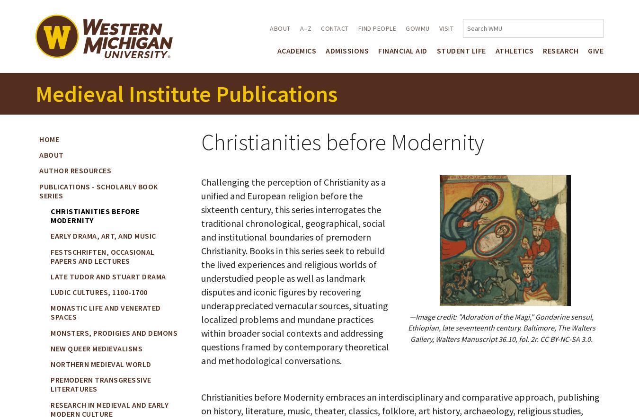 The width and height of the screenshot is (639, 420). I want to click on 'Challenging the perception of Christianity as a unified and European religion before the sixteenth century, this series interrogates the traditional chronological, geographical, social and institutional boundaries of premodern Christianity. Books in this series seek to rebuild the lived experiences and religious worlds of understudied people as well as landmark disputes and iconic figures by recovering underappreciated vernacular sources, situating localized problems and mundane practices within broader social contexts and addressing questions framed by contemporary theoretical and methodological conversations.', so click(295, 270).